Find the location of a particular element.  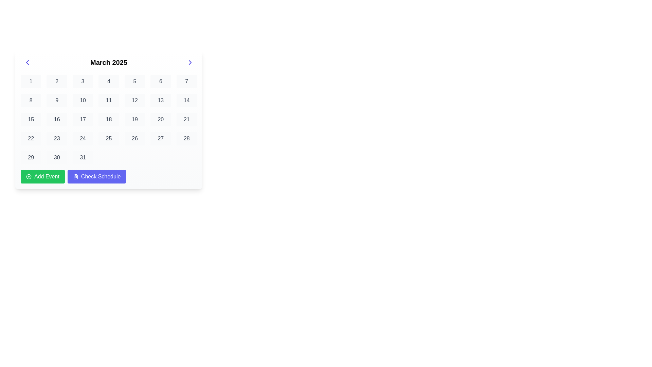

the right-pointing chevron icon in light indigo color located to the right of the 'March 2025' header is located at coordinates (190, 63).